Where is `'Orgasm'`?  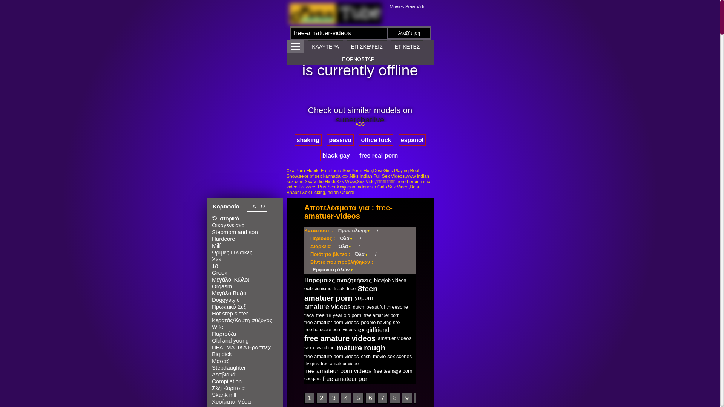
'Orgasm' is located at coordinates (245, 286).